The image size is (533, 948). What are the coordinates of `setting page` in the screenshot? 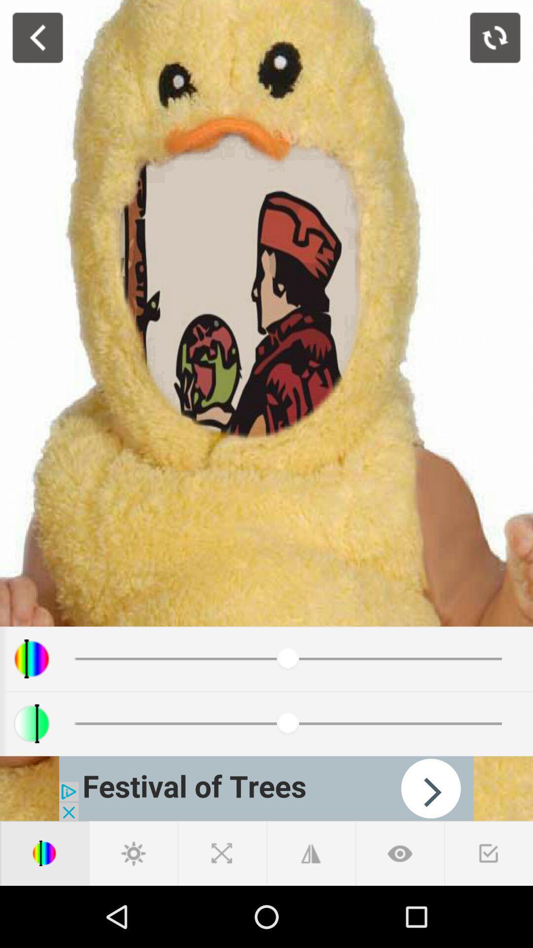 It's located at (133, 853).